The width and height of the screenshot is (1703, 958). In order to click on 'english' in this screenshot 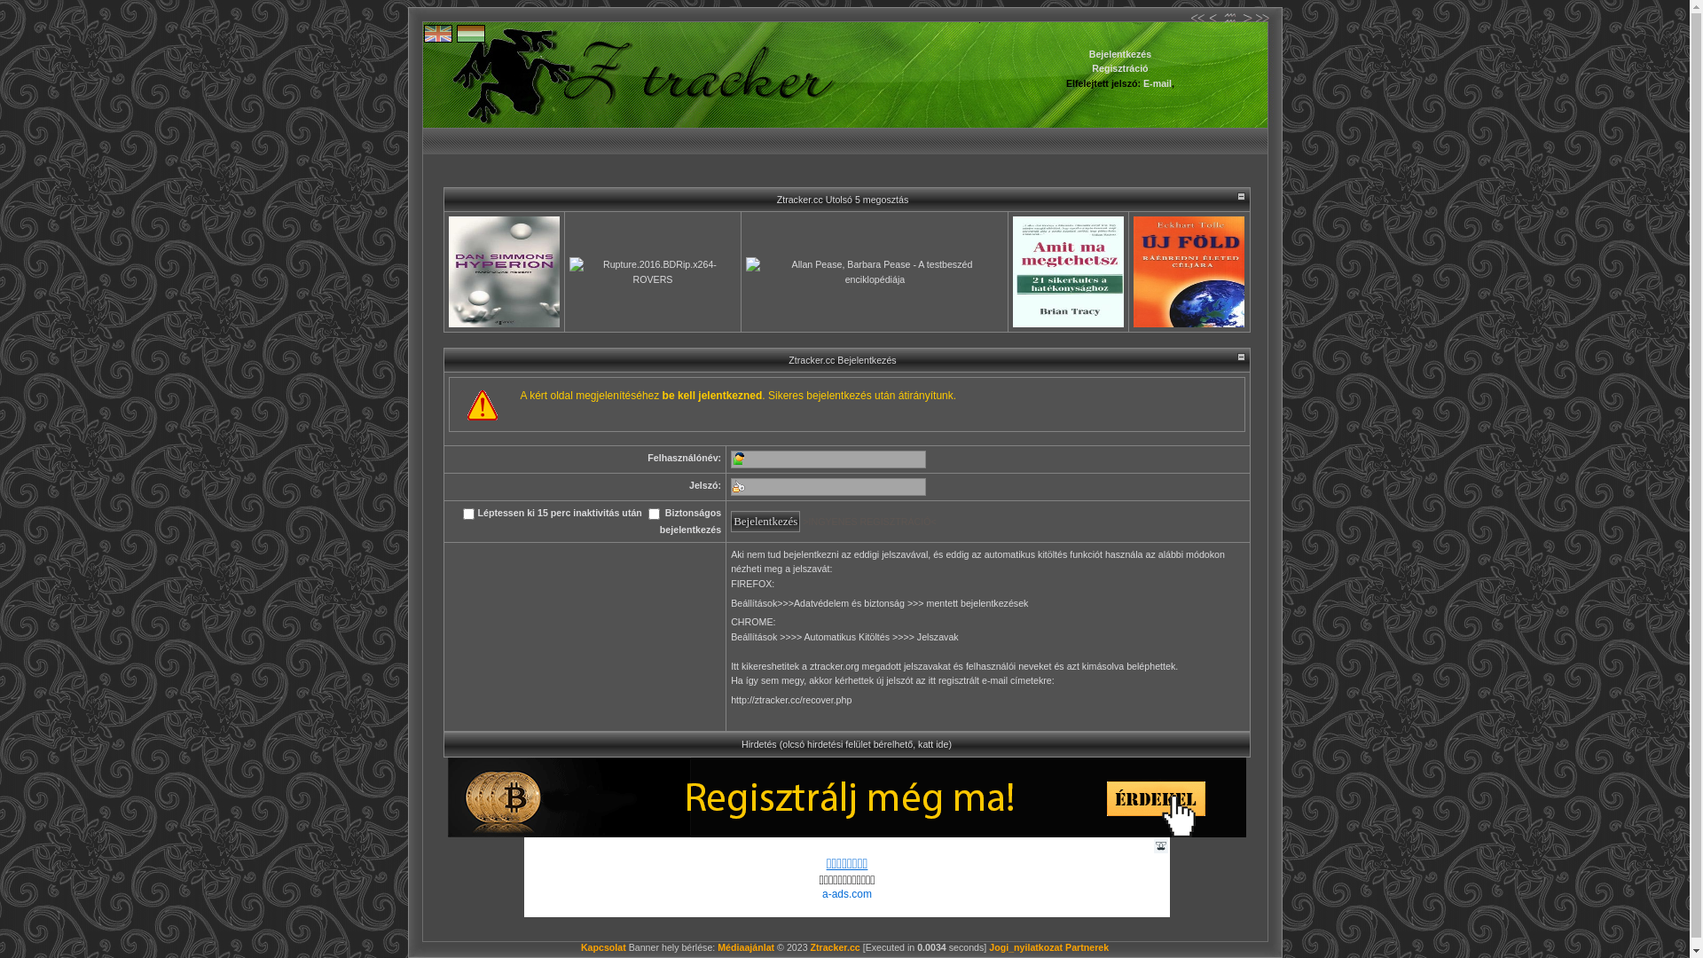, I will do `click(438, 34)`.